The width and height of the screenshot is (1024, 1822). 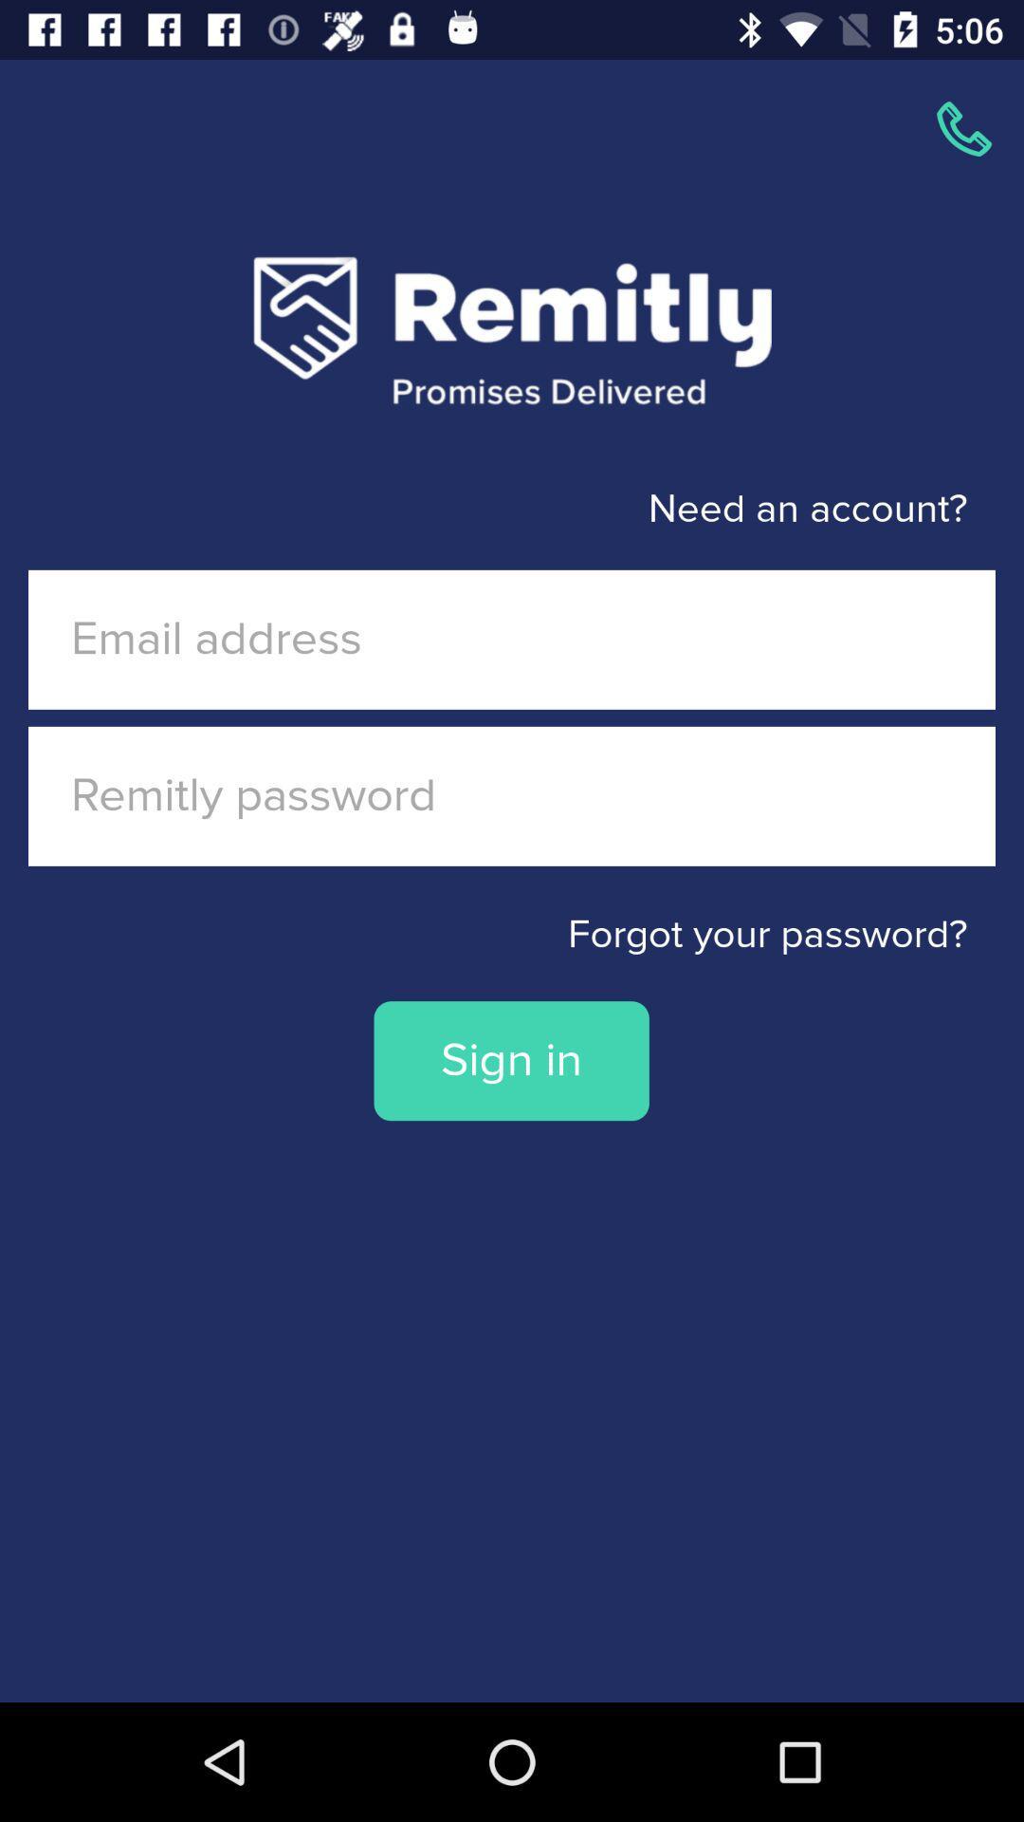 I want to click on need an account? icon, so click(x=483, y=510).